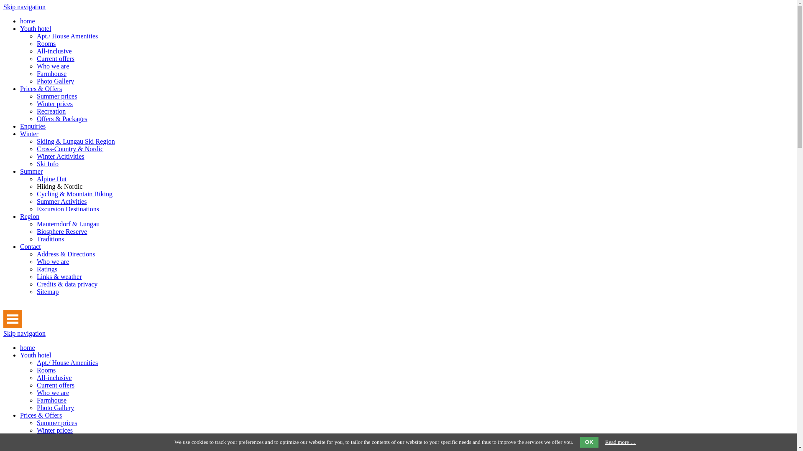  Describe the element at coordinates (36, 385) in the screenshot. I see `'Current offers'` at that location.